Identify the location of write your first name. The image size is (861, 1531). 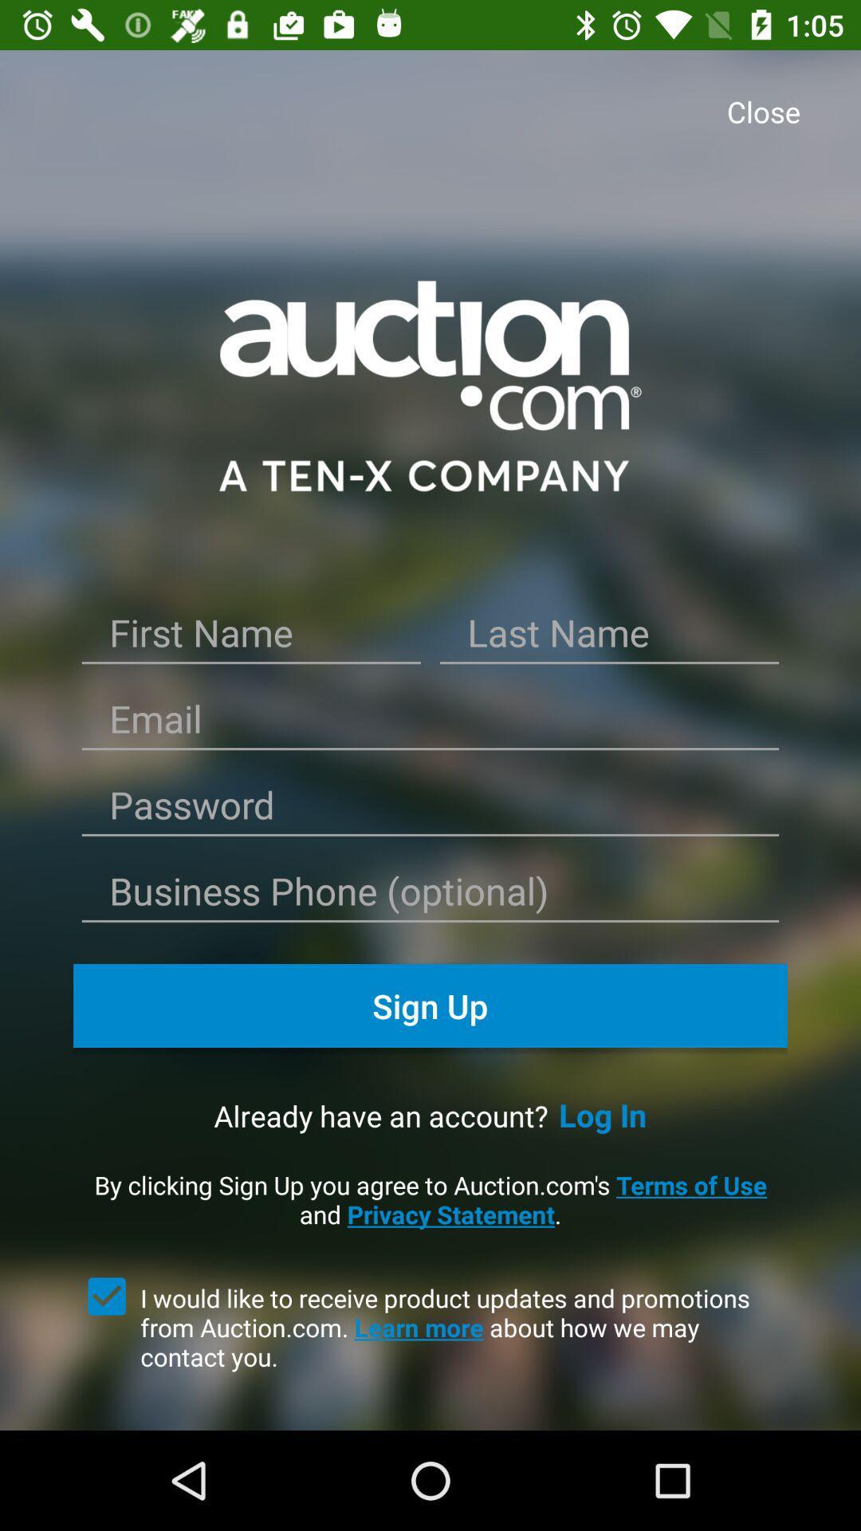
(251, 639).